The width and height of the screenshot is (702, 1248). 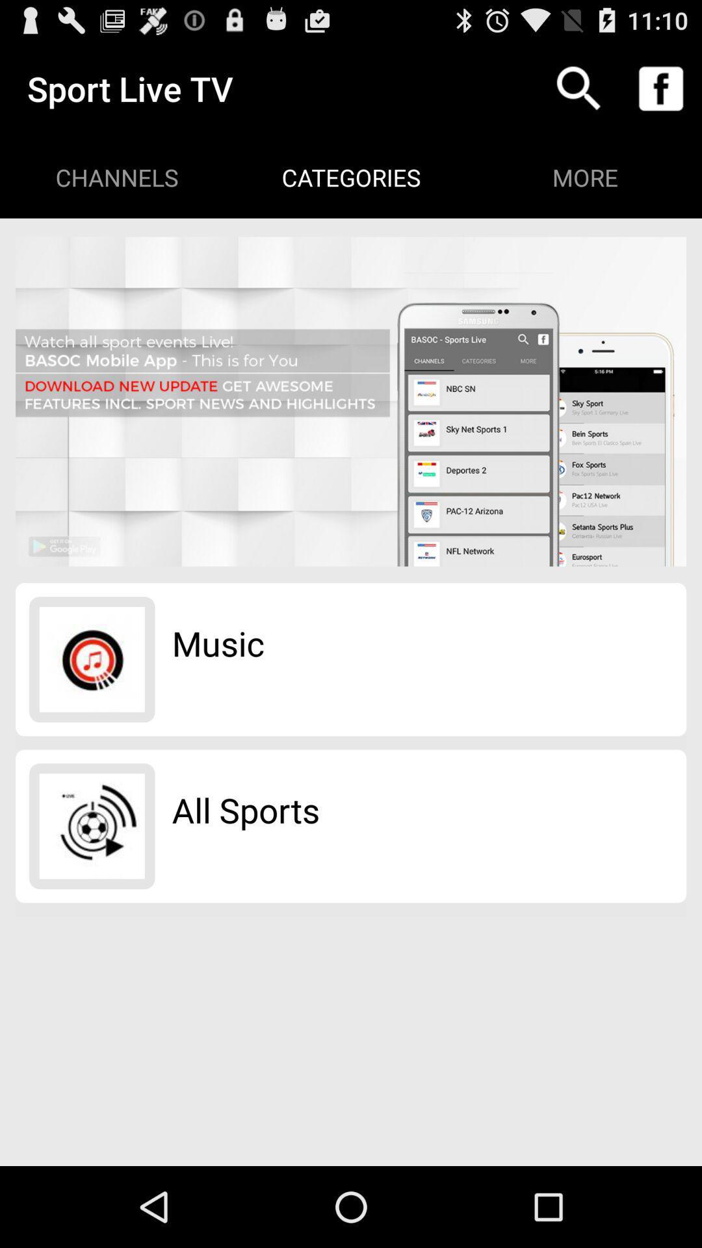 What do you see at coordinates (578, 88) in the screenshot?
I see `the item to the right of categories app` at bounding box center [578, 88].